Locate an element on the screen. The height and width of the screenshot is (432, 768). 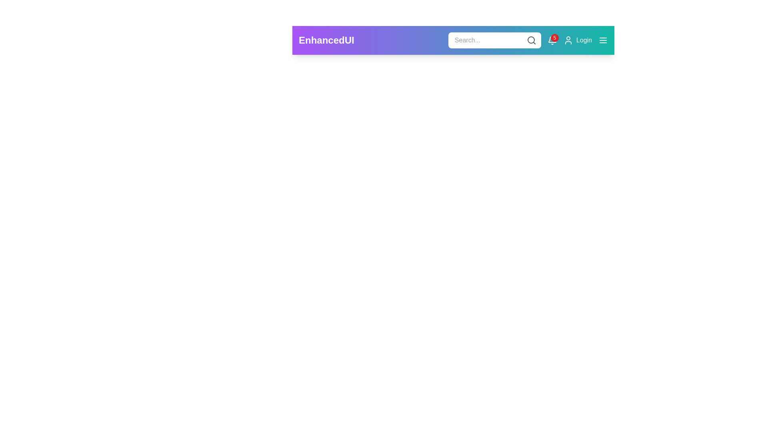
the menu button to open the menu is located at coordinates (603, 40).